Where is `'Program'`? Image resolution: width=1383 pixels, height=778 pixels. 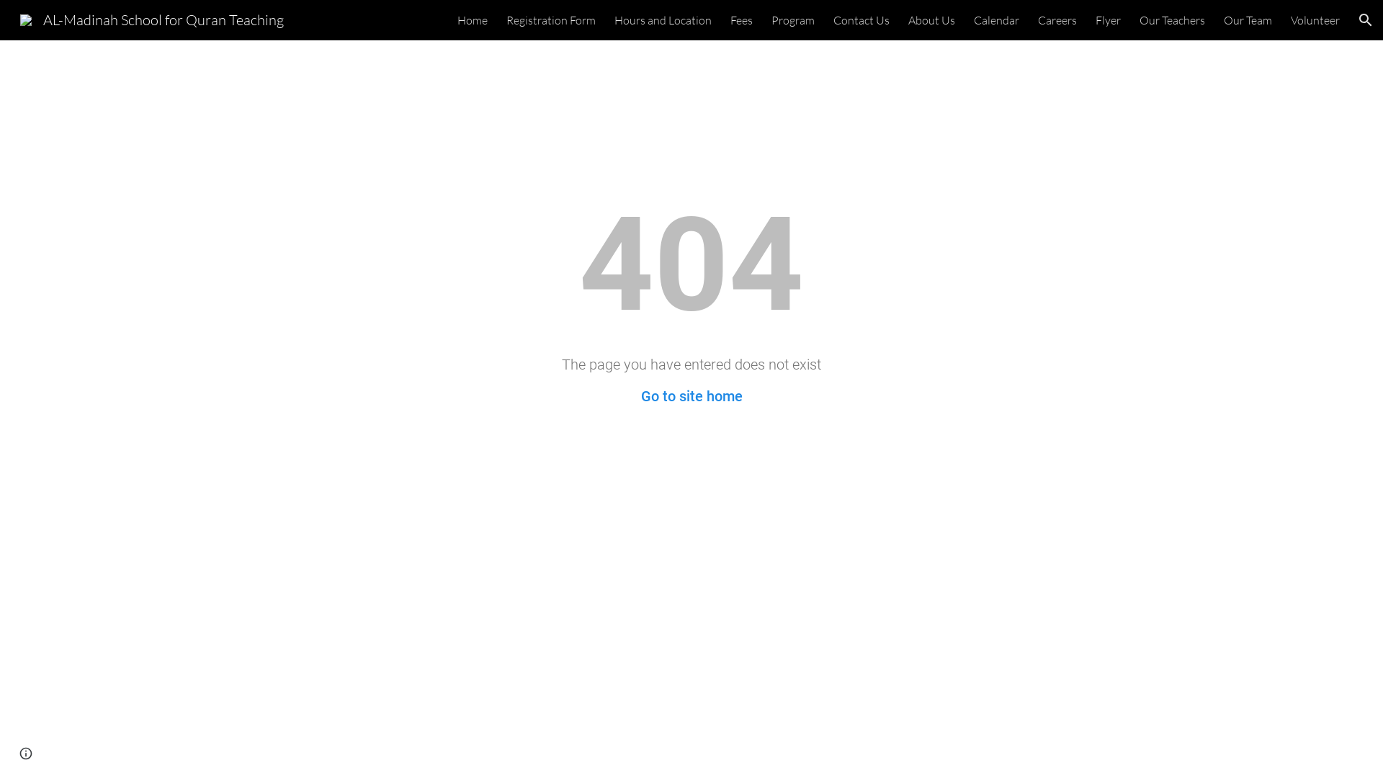
'Program' is located at coordinates (792, 19).